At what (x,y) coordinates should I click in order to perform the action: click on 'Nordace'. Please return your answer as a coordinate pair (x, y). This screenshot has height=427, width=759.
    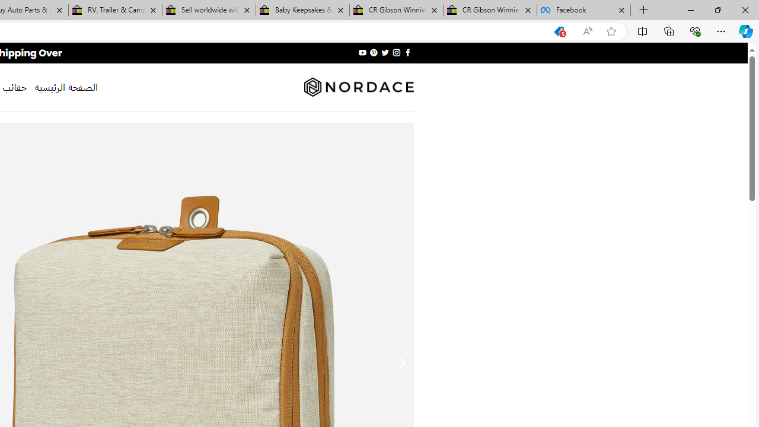
    Looking at the image, I should click on (358, 87).